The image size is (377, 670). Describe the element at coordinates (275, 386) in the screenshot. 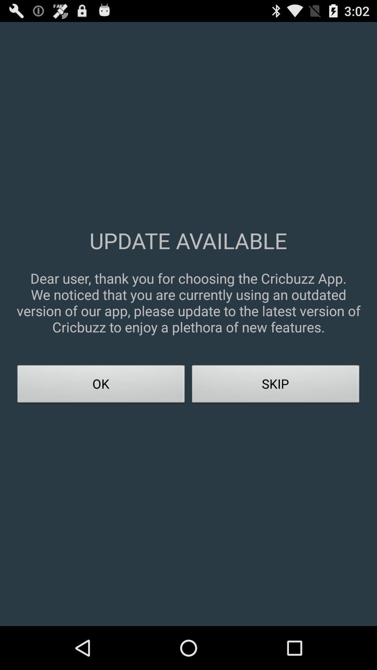

I see `skip item` at that location.